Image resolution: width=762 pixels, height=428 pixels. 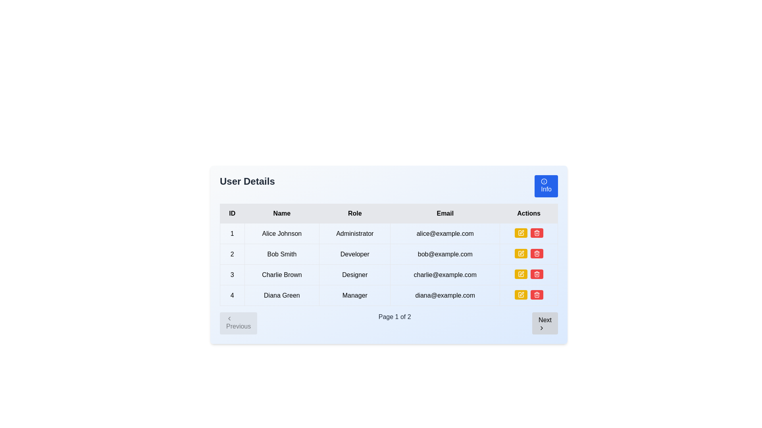 I want to click on the yellow button with a white pen icon in the 'Actions' column of the fourth row of the 'User Details' table to initiate the edit action for the user, so click(x=521, y=295).